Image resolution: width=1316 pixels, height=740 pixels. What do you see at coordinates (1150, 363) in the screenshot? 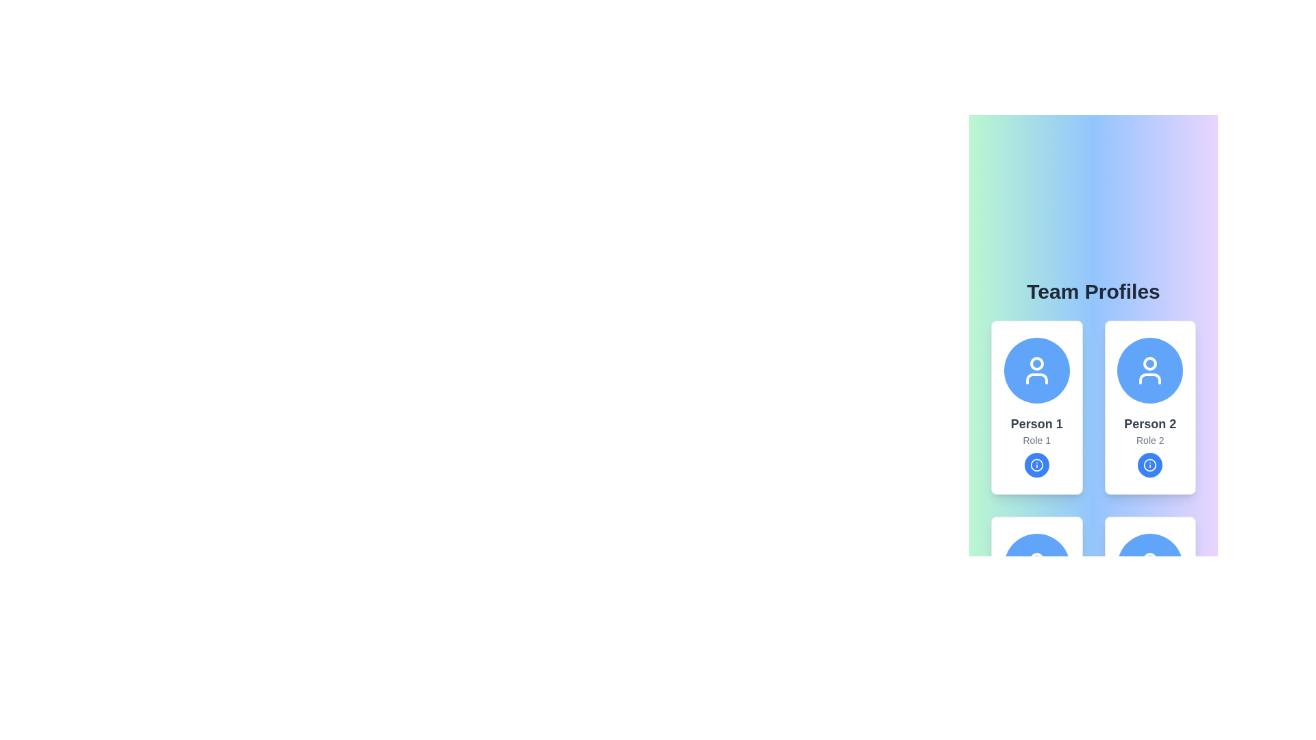
I see `the SVG circle representing the head of a user in the profile icon located in the upper-right of the user profile icon under the 'Team Profiles' section in the card labeled 'Person 2, Role 2'` at bounding box center [1150, 363].